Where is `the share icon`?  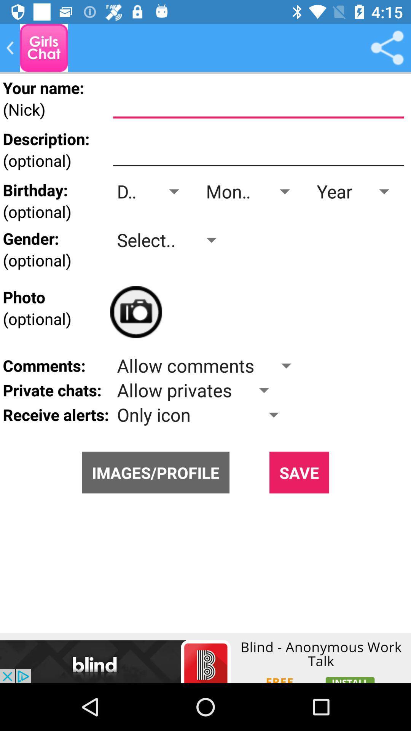
the share icon is located at coordinates (387, 47).